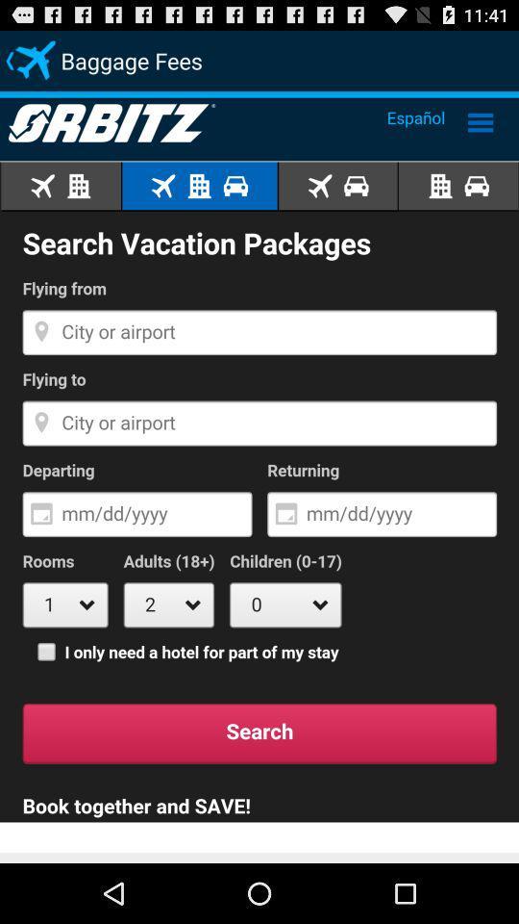 This screenshot has height=924, width=519. Describe the element at coordinates (259, 475) in the screenshot. I see `search for vacations` at that location.